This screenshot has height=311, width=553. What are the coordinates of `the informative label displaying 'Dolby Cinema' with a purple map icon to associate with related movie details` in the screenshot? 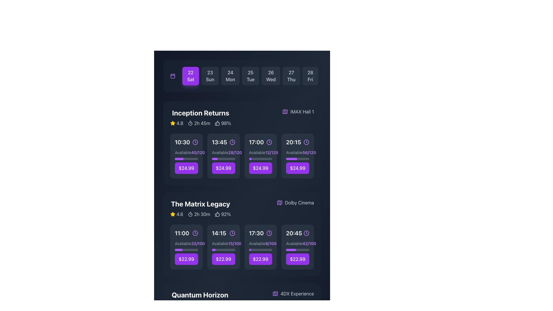 It's located at (295, 202).